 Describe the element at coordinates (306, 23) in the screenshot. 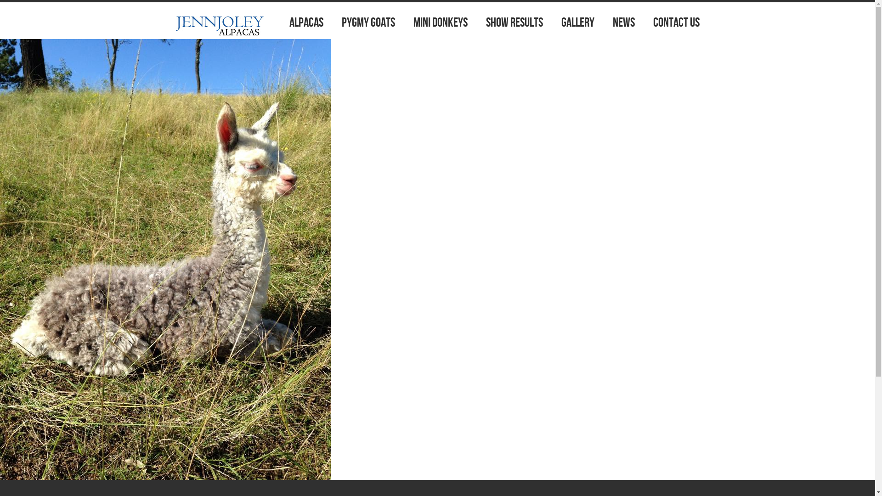

I see `'ALPACAS'` at that location.